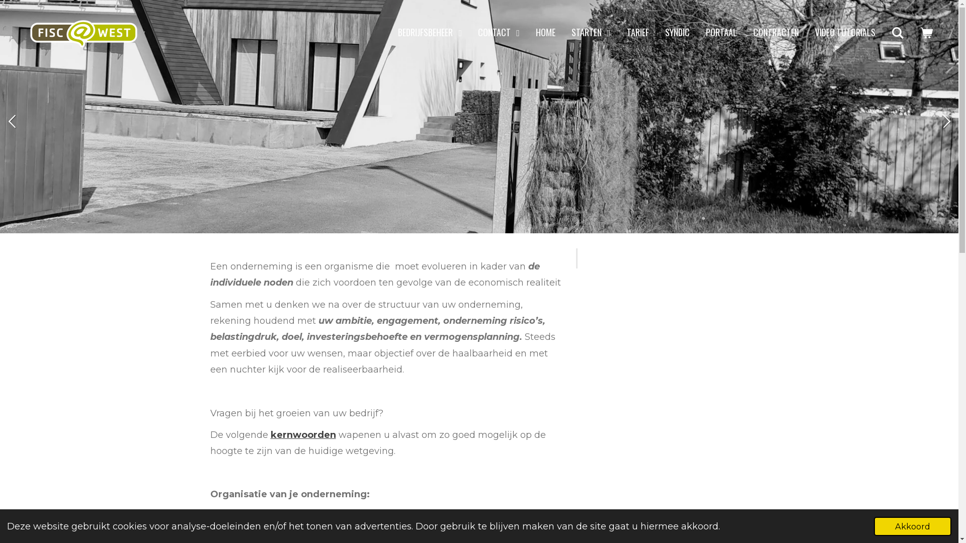 The width and height of the screenshot is (966, 543). What do you see at coordinates (913, 525) in the screenshot?
I see `'Akkoord'` at bounding box center [913, 525].